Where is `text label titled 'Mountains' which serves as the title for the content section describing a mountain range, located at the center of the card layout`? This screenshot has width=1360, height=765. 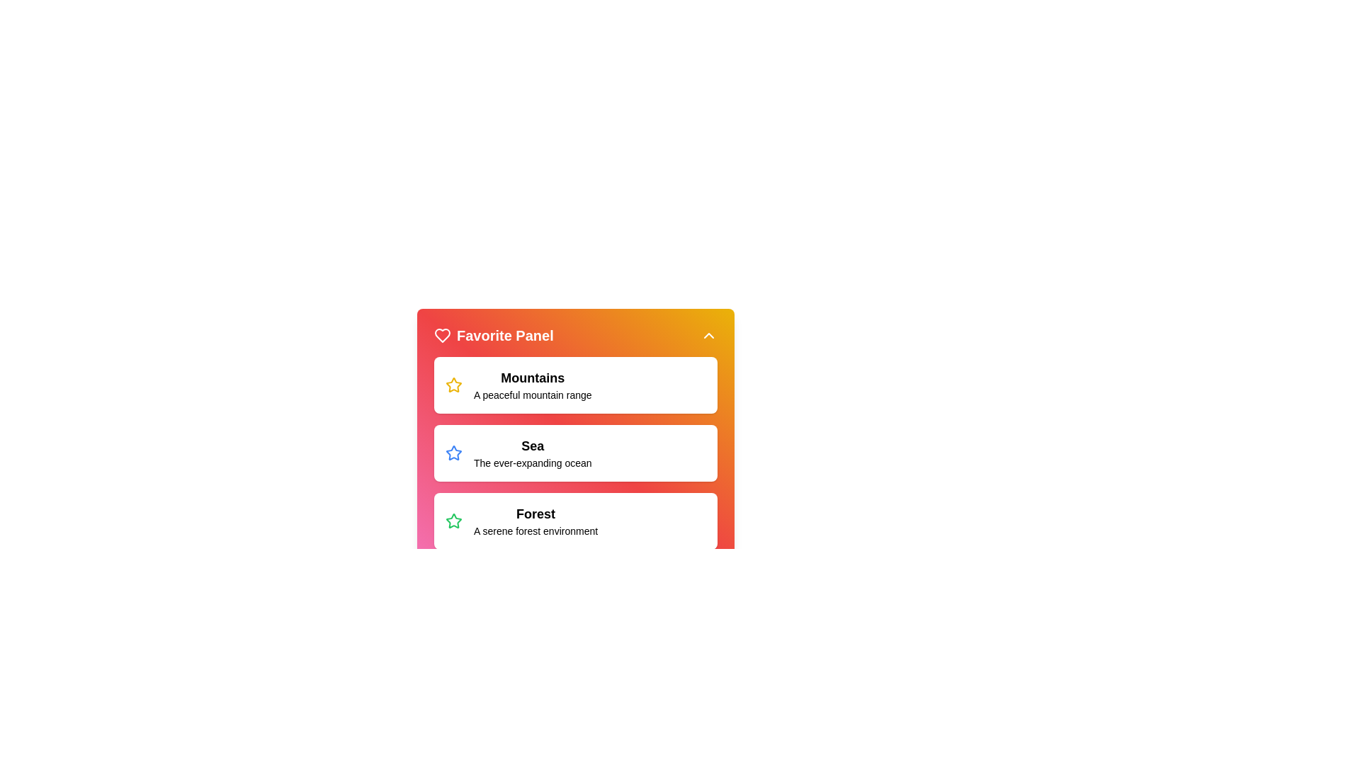
text label titled 'Mountains' which serves as the title for the content section describing a mountain range, located at the center of the card layout is located at coordinates (532, 377).